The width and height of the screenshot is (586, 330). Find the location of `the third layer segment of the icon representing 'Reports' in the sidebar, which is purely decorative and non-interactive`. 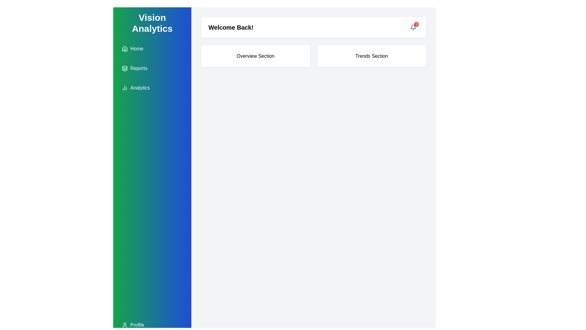

the third layer segment of the icon representing 'Reports' in the sidebar, which is purely decorative and non-interactive is located at coordinates (124, 70).